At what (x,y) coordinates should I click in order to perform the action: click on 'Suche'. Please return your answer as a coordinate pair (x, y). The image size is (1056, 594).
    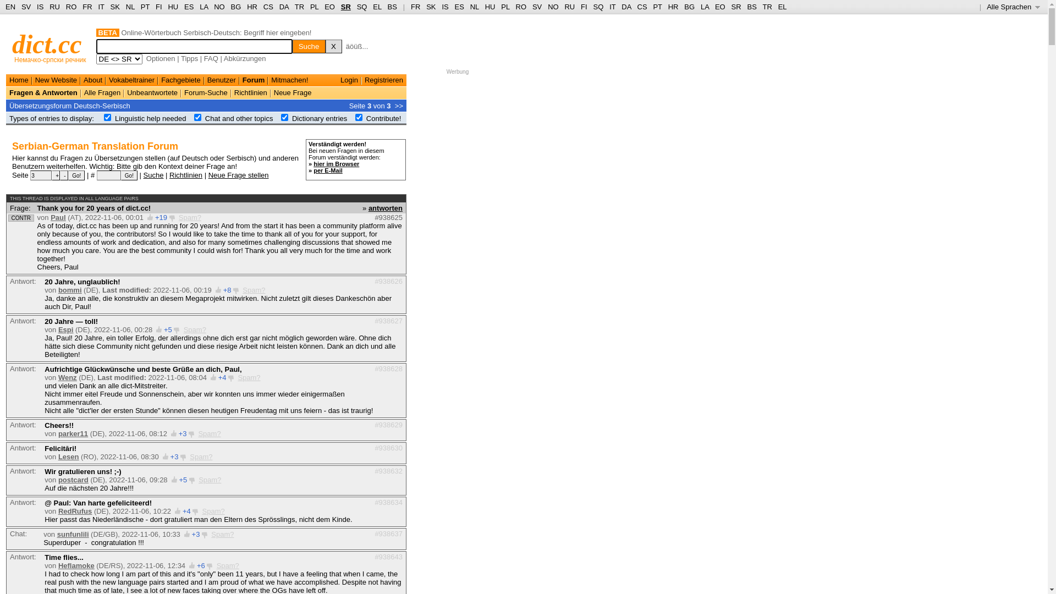
    Looking at the image, I should click on (308, 46).